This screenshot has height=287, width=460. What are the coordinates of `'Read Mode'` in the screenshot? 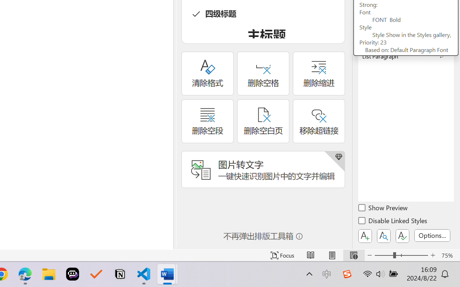 It's located at (310, 255).